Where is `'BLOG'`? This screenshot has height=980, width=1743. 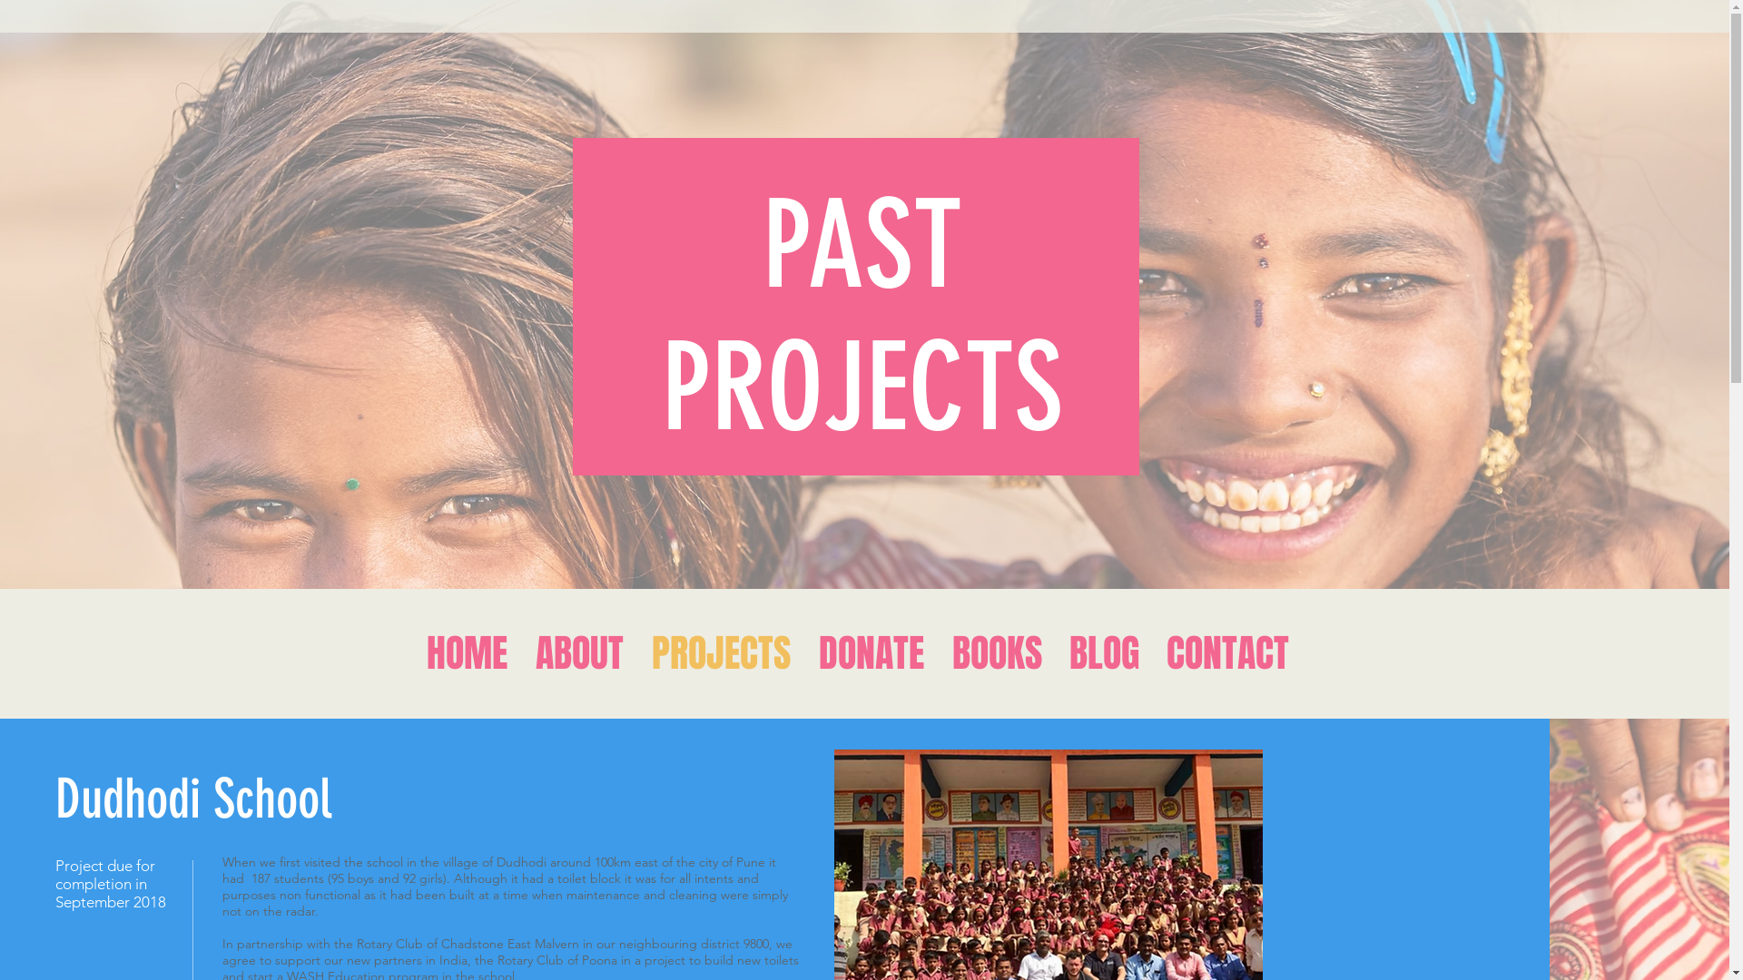 'BLOG' is located at coordinates (1102, 653).